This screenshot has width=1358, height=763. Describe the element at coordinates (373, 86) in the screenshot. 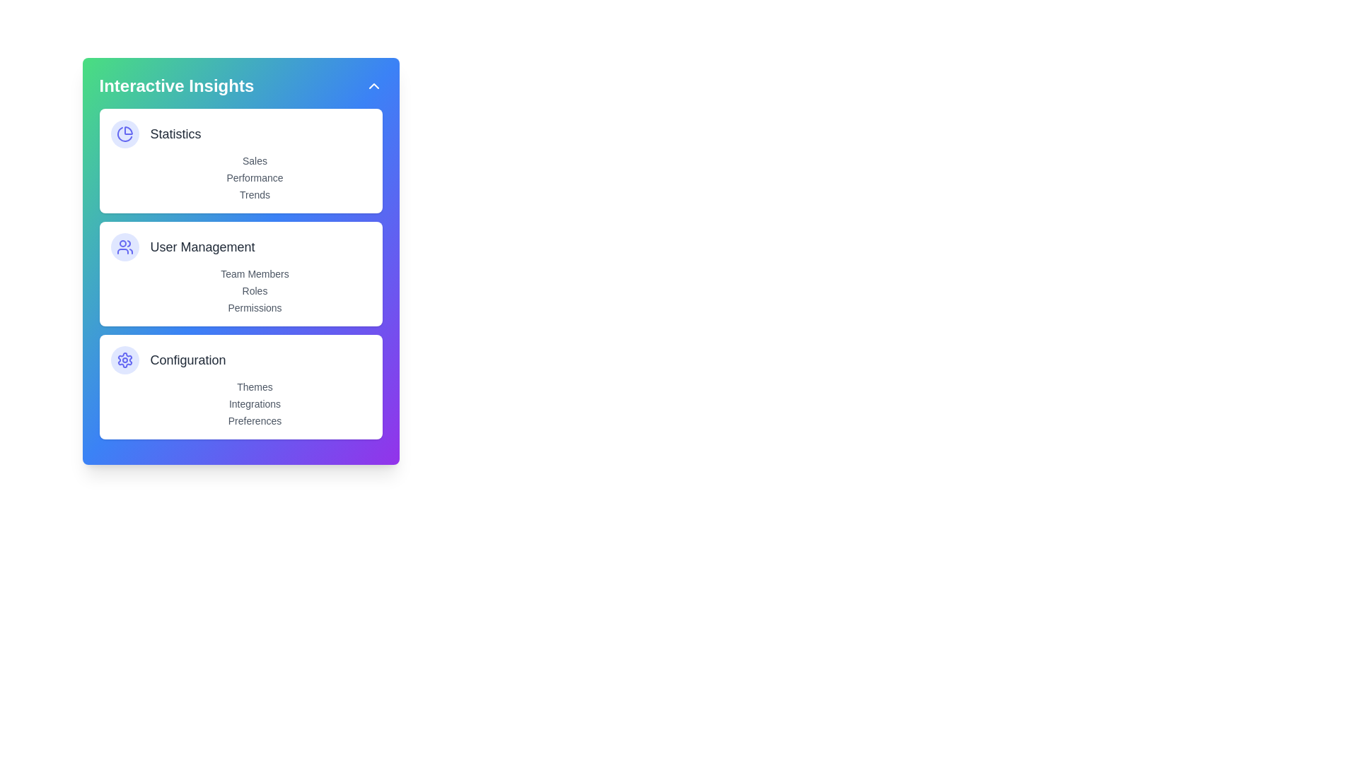

I see `the toggle button to change the menu visibility` at that location.